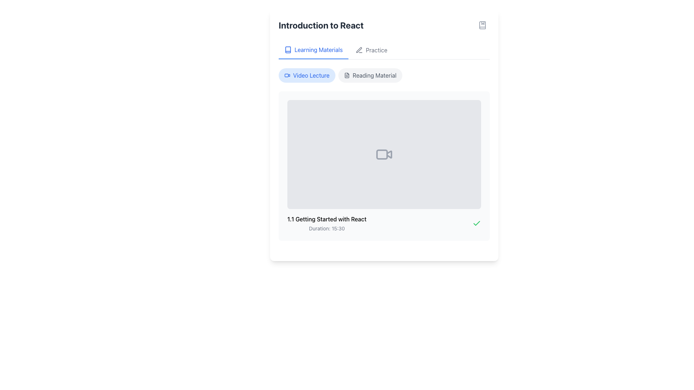 The image size is (694, 390). Describe the element at coordinates (381, 154) in the screenshot. I see `the rectangular portion of the video play button which is part of the graphical representation within the SVG` at that location.